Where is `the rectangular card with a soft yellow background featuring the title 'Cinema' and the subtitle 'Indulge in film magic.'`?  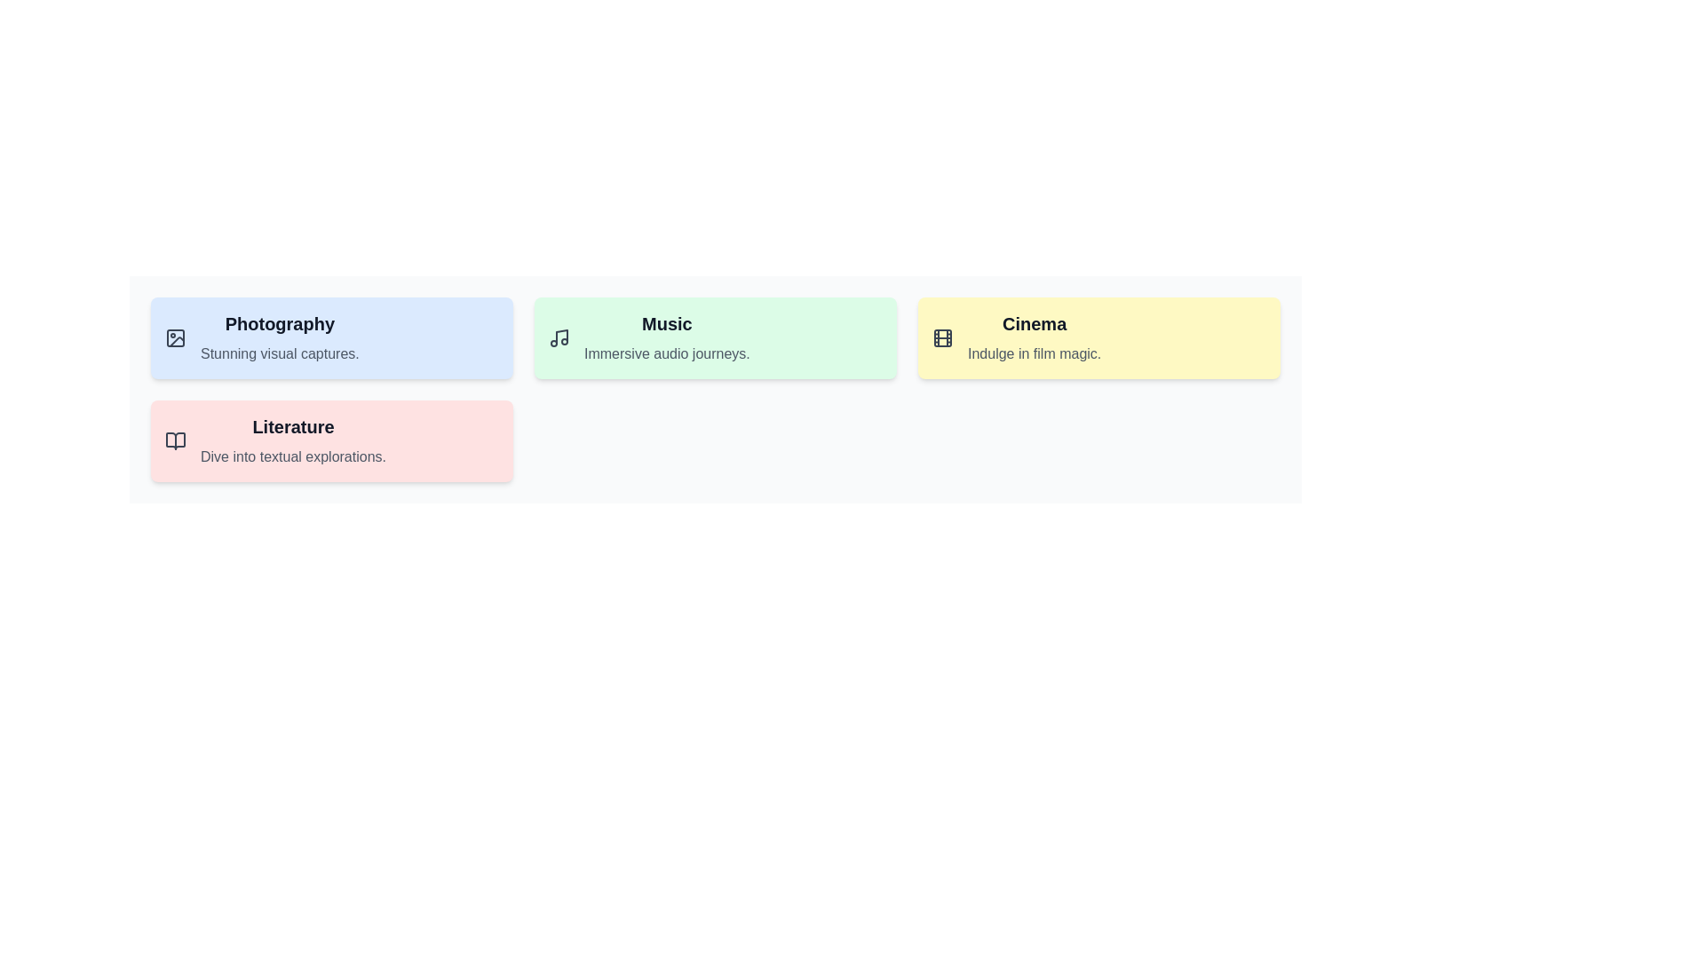
the rectangular card with a soft yellow background featuring the title 'Cinema' and the subtitle 'Indulge in film magic.' is located at coordinates (1098, 338).